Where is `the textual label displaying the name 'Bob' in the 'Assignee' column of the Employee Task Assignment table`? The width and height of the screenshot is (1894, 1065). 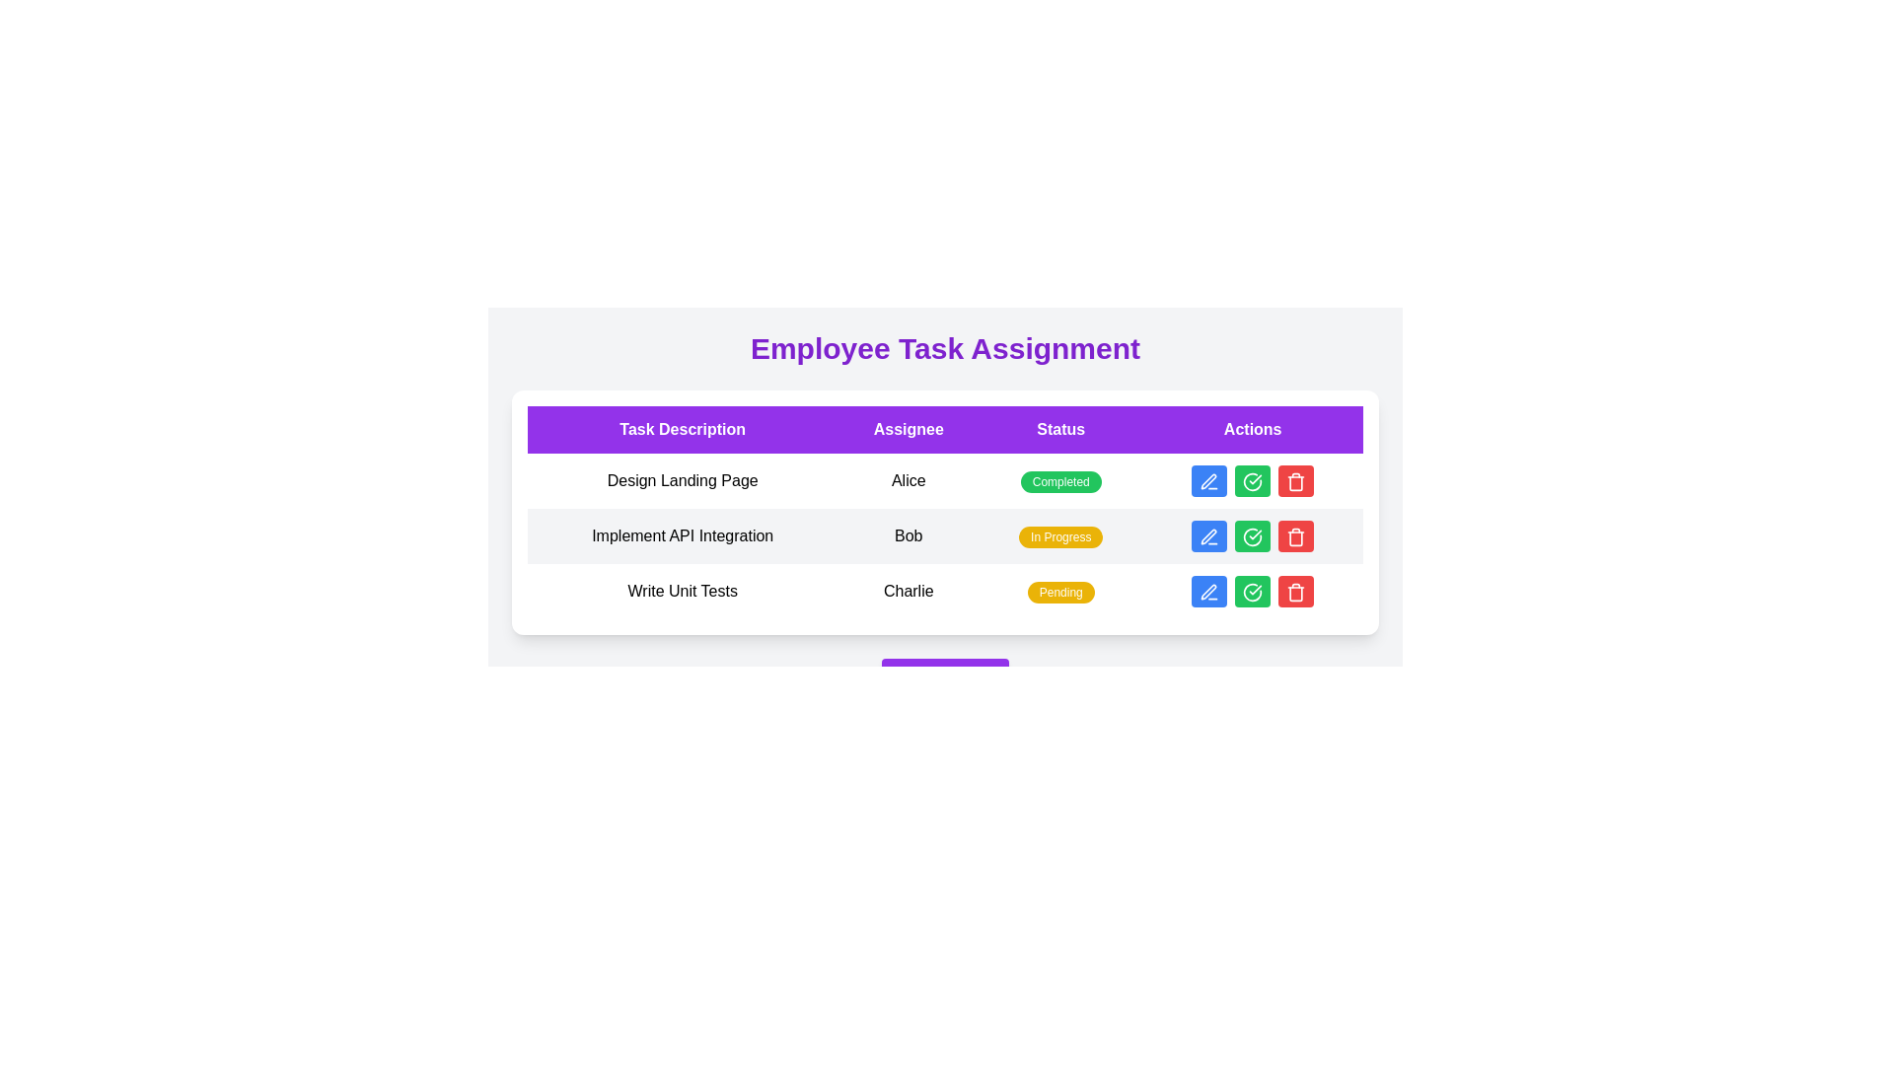 the textual label displaying the name 'Bob' in the 'Assignee' column of the Employee Task Assignment table is located at coordinates (908, 535).